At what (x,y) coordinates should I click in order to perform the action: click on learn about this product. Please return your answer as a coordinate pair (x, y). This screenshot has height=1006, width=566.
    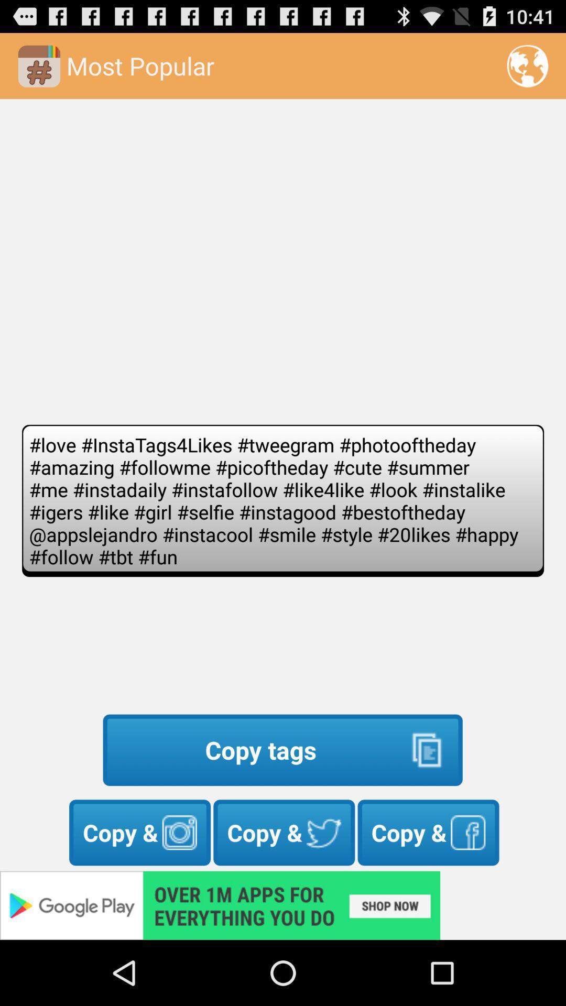
    Looking at the image, I should click on (283, 905).